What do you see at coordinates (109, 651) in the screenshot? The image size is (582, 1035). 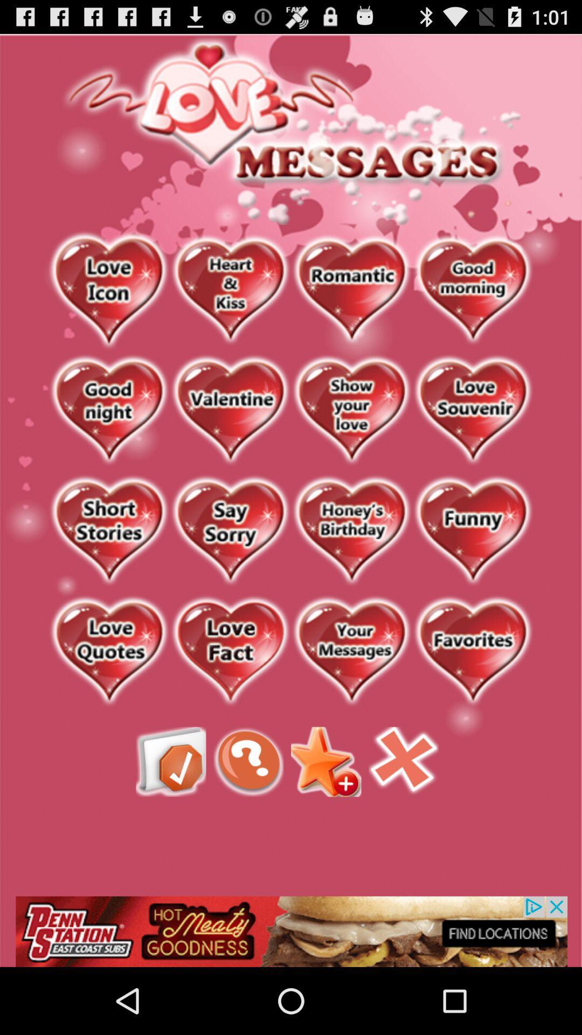 I see `love quotes` at bounding box center [109, 651].